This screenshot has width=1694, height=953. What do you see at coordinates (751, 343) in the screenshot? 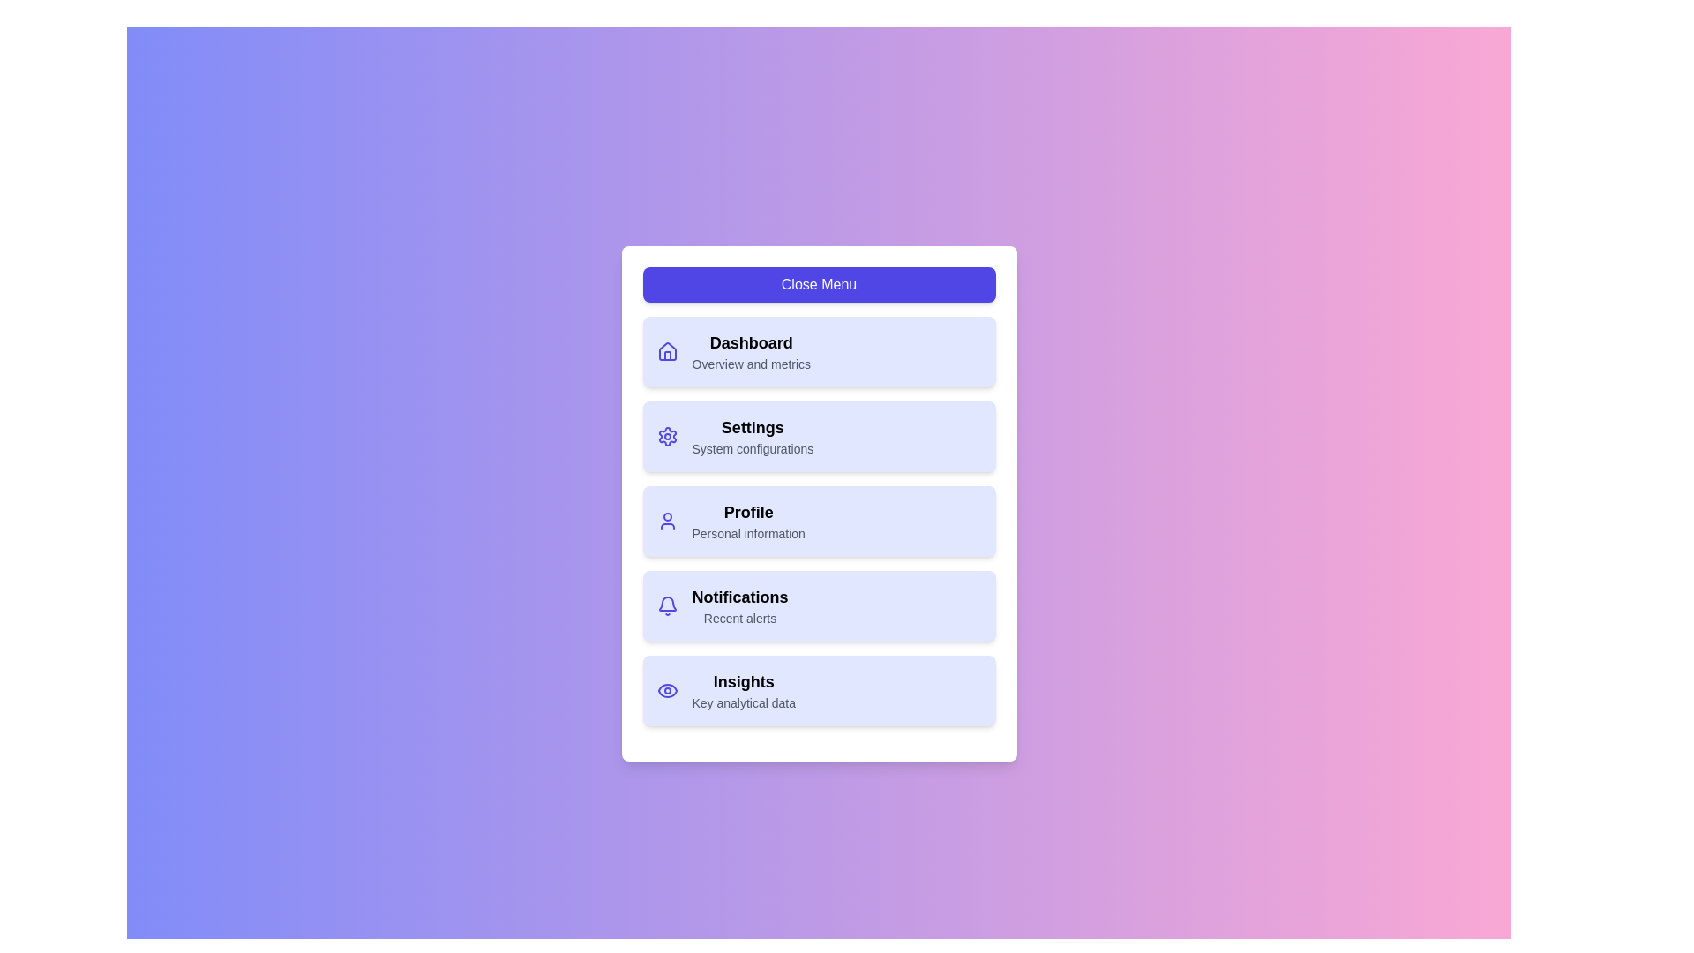
I see `the text of the menu item labeled Dashboard` at bounding box center [751, 343].